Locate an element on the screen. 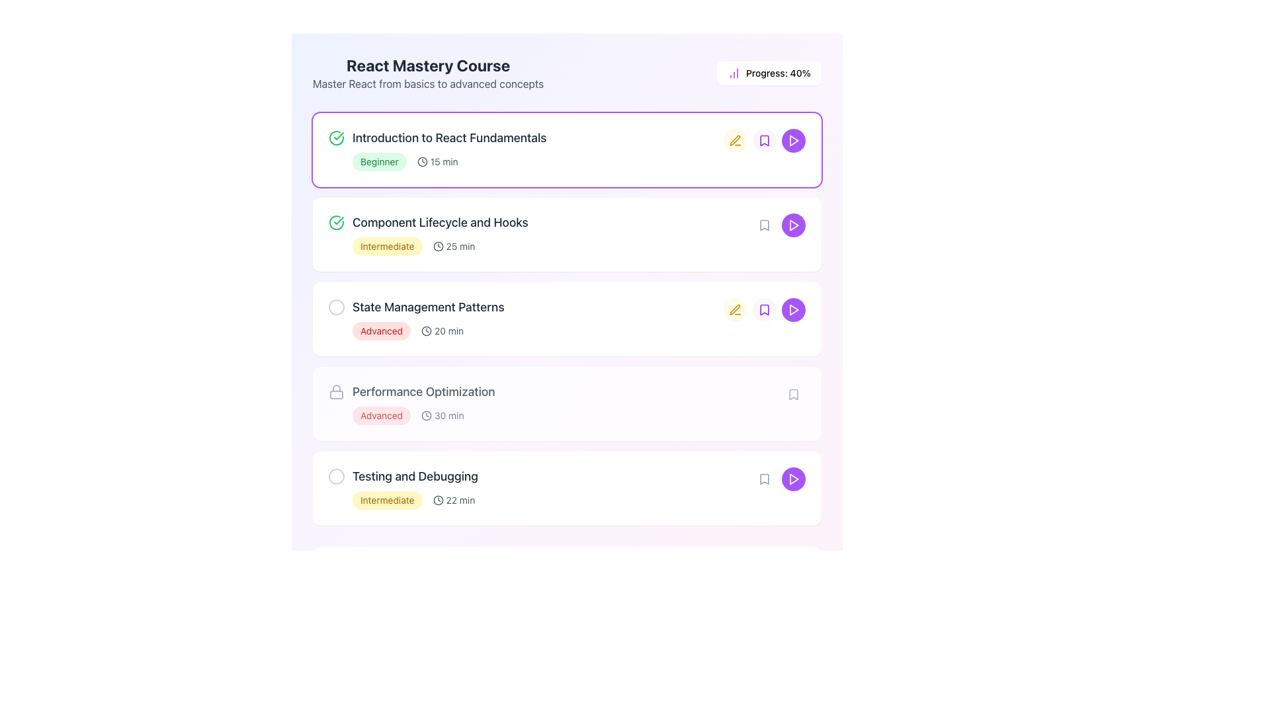  the prominent purple circular button with a white play icon to play the associated video or lesson is located at coordinates (794, 310).